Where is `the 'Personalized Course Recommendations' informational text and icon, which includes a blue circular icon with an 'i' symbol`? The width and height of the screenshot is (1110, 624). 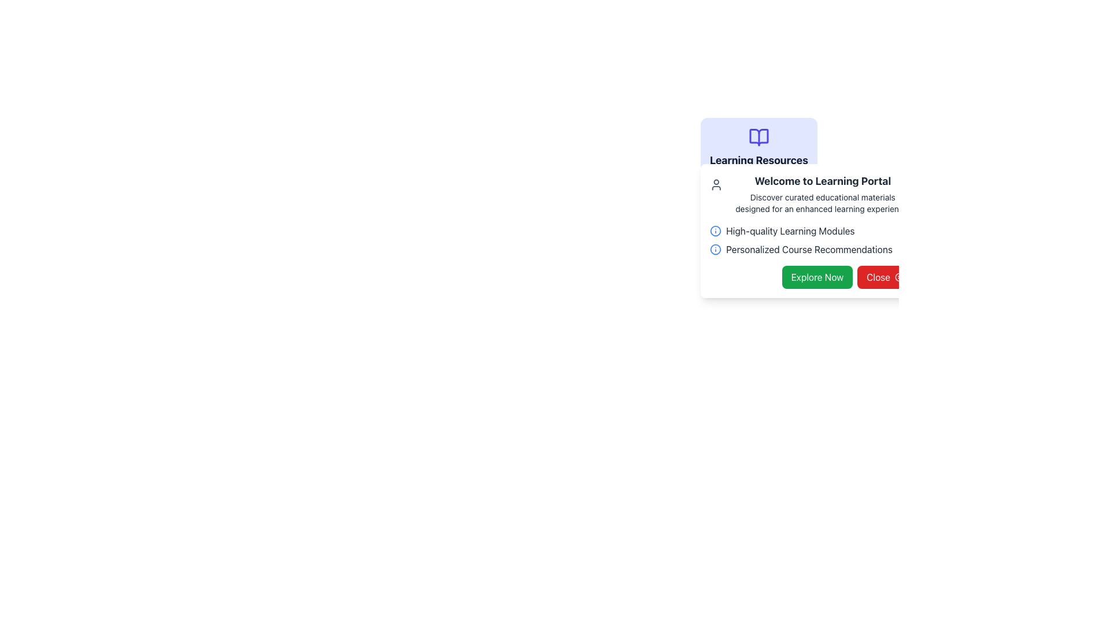 the 'Personalized Course Recommendations' informational text and icon, which includes a blue circular icon with an 'i' symbol is located at coordinates (811, 249).